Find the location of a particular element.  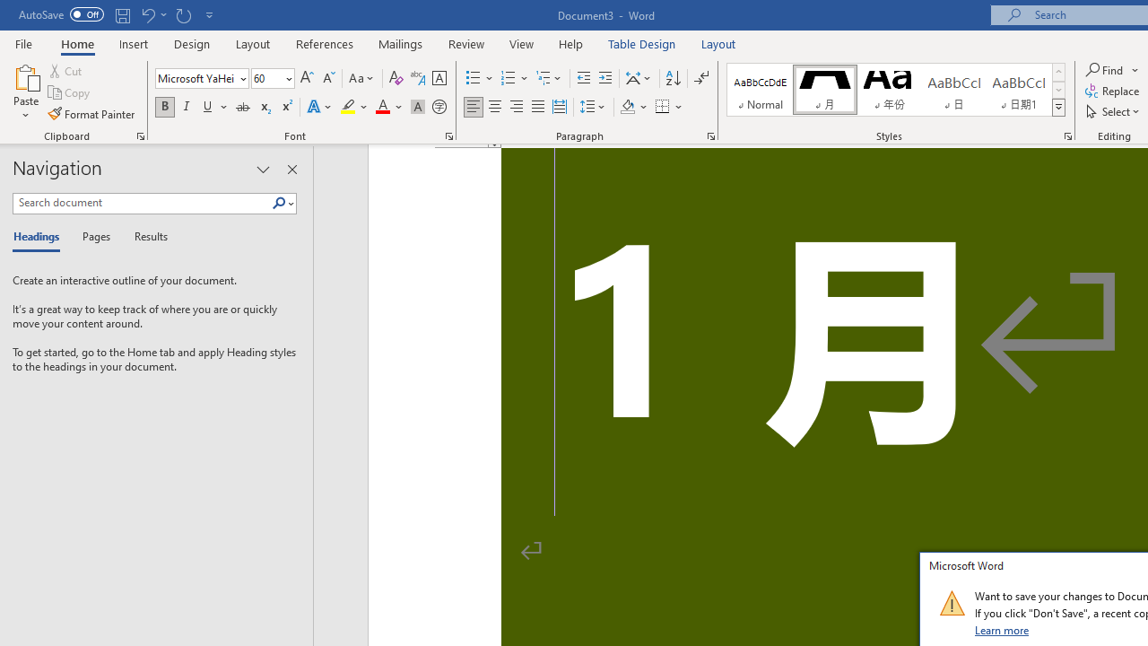

'Decrease Indent' is located at coordinates (583, 77).